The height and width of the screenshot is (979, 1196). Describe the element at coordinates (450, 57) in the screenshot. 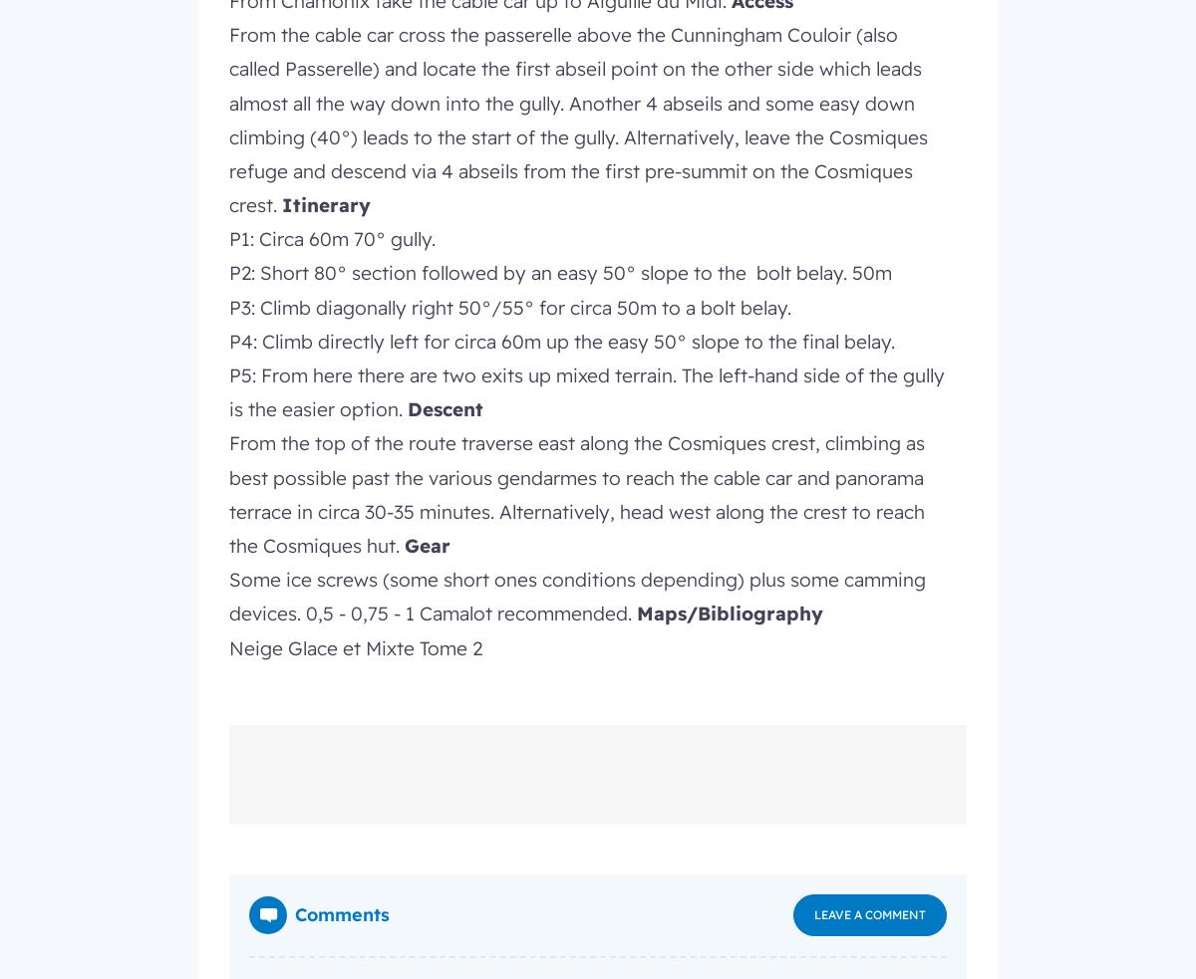

I see `'Freeride'` at that location.